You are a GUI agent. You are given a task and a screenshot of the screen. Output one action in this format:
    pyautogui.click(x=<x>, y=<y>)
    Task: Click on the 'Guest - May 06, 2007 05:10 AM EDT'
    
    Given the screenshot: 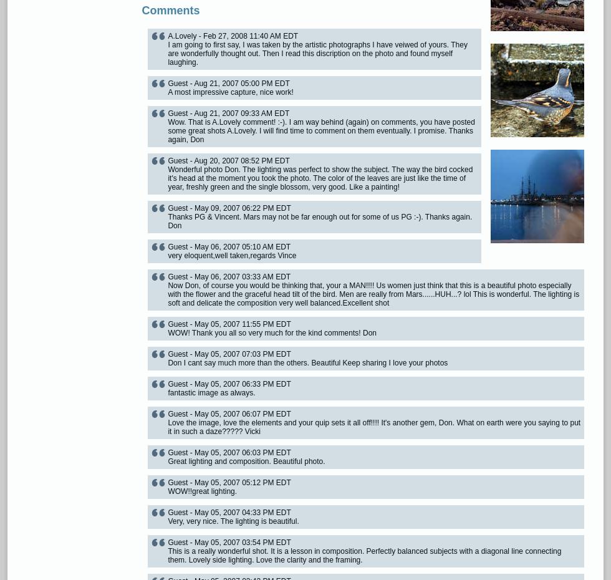 What is the action you would take?
    pyautogui.click(x=229, y=246)
    